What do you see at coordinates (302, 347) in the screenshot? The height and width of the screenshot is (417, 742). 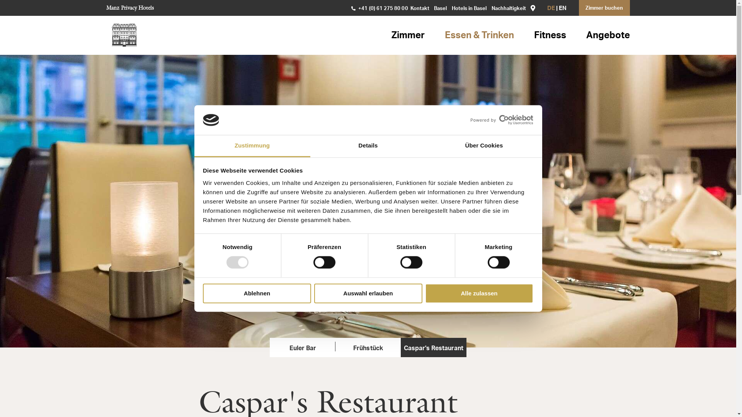 I see `'Euler Bar'` at bounding box center [302, 347].